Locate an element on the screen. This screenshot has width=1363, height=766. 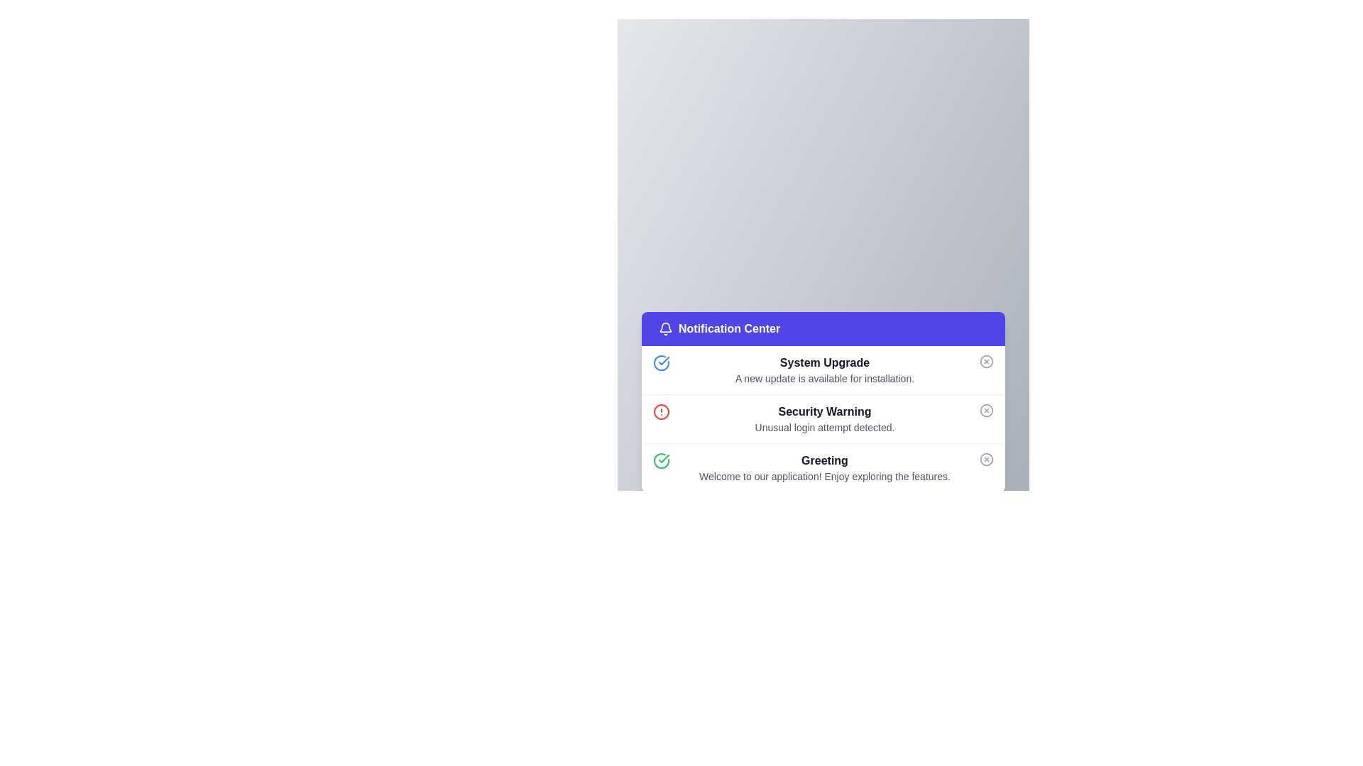
the 'Notification Center' text label, which is a bold text element located in the blue header section of the notification panel is located at coordinates (719, 328).